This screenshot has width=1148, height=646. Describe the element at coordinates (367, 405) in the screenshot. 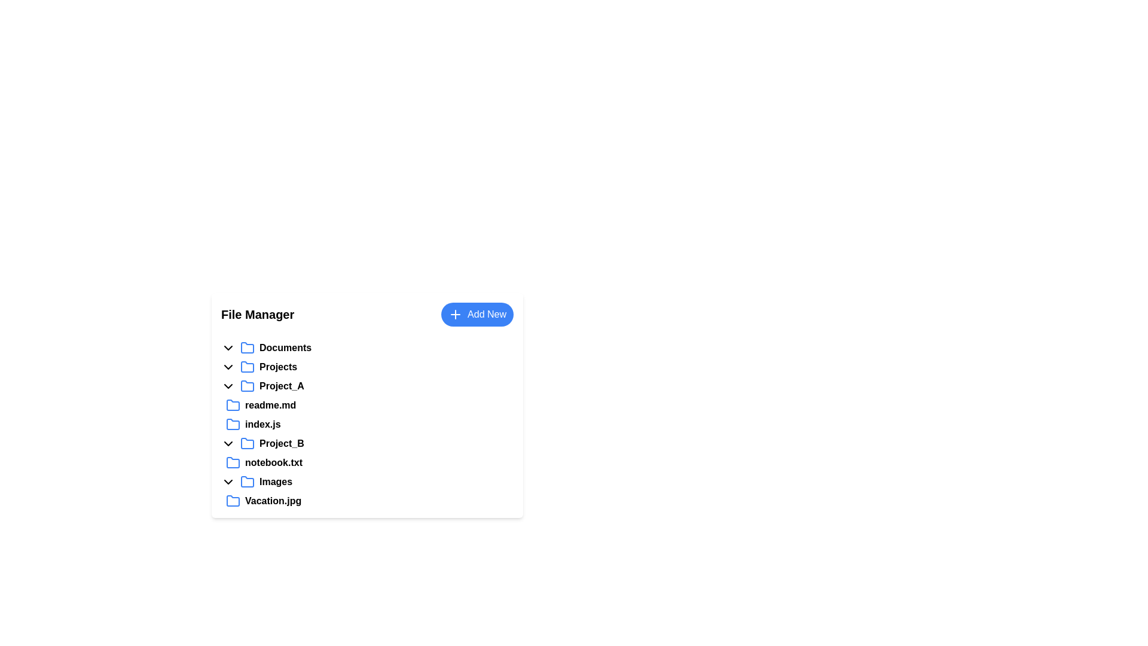

I see `the 'Project_A' folder` at that location.